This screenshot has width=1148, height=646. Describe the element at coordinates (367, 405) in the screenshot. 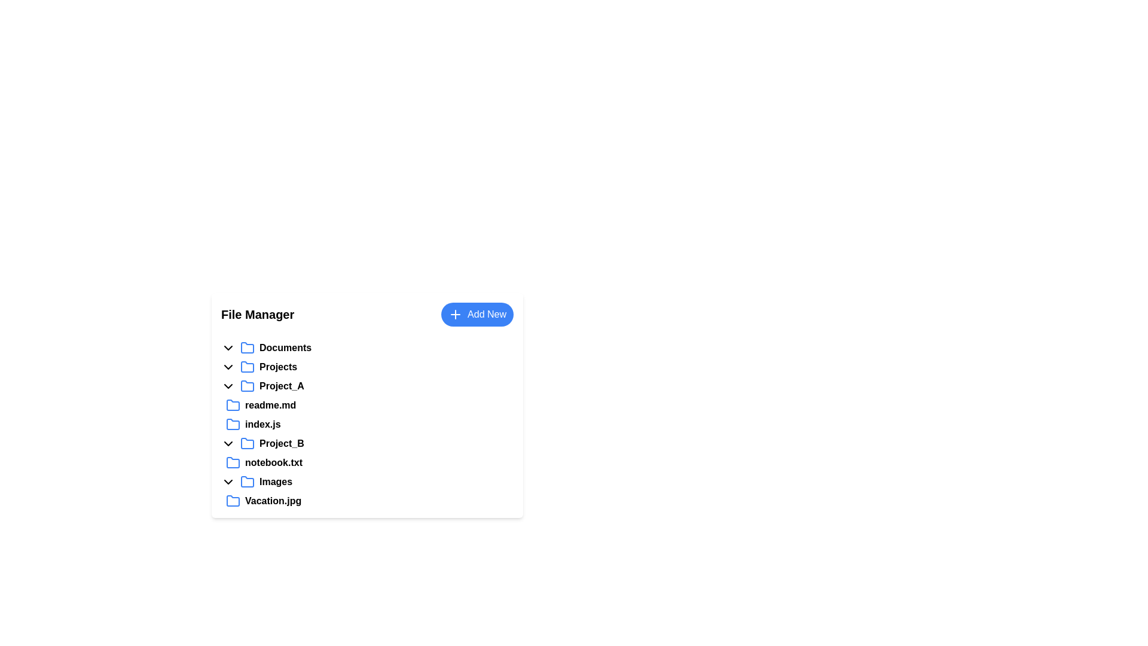

I see `the 'Project_A' folder` at that location.